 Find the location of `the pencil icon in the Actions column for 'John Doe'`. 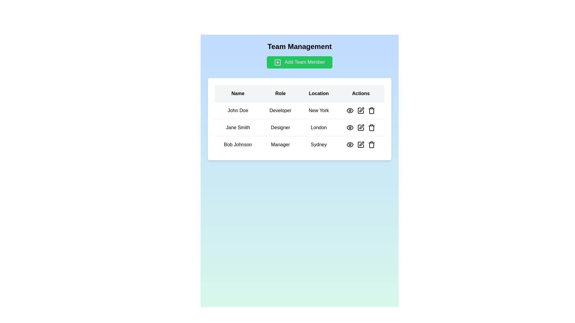

the pencil icon in the Actions column for 'John Doe' is located at coordinates (360, 110).